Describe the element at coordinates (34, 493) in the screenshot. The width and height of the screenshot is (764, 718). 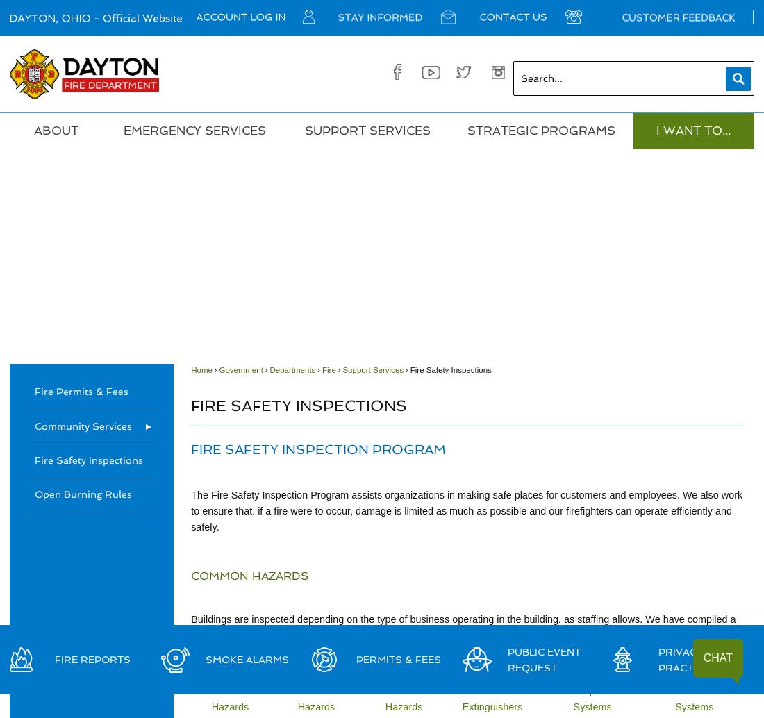
I see `'Open Burning Rules'` at that location.